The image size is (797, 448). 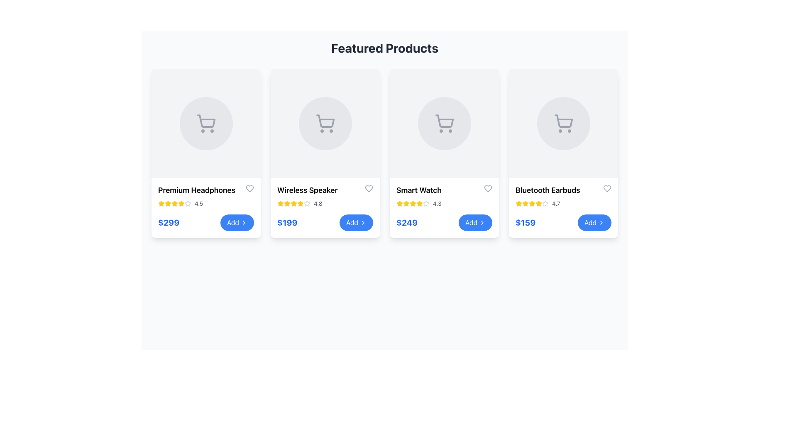 What do you see at coordinates (475, 222) in the screenshot?
I see `the button located directly below the 'Smart Watch' product card in the third column of the 'Featured Products' grid for a hover effect` at bounding box center [475, 222].